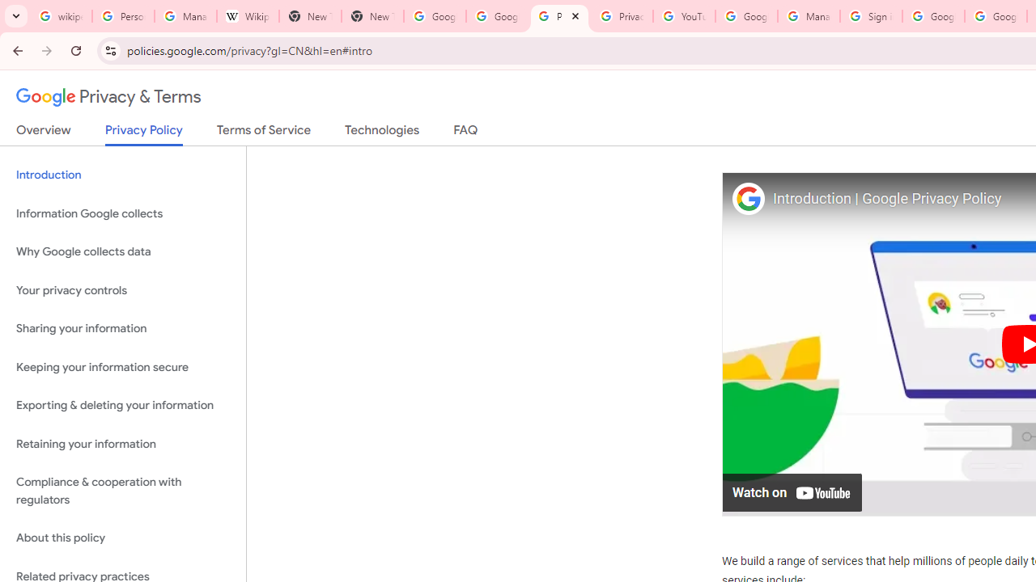 This screenshot has height=582, width=1036. What do you see at coordinates (122, 16) in the screenshot?
I see `'Personalization & Google Search results - Google Search Help'` at bounding box center [122, 16].